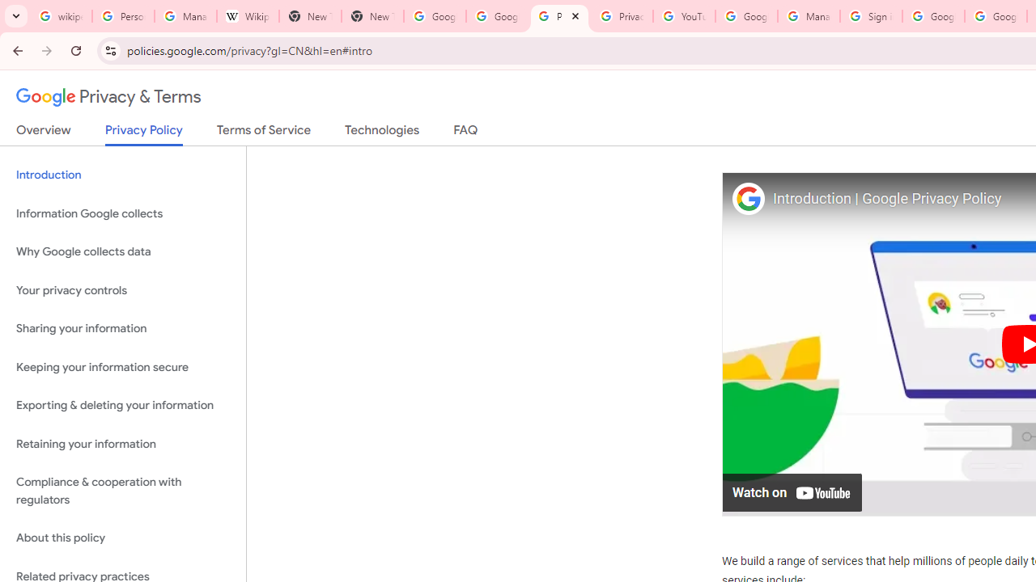 This screenshot has height=582, width=1036. What do you see at coordinates (122, 16) in the screenshot?
I see `'Personalization & Google Search results - Google Search Help'` at bounding box center [122, 16].